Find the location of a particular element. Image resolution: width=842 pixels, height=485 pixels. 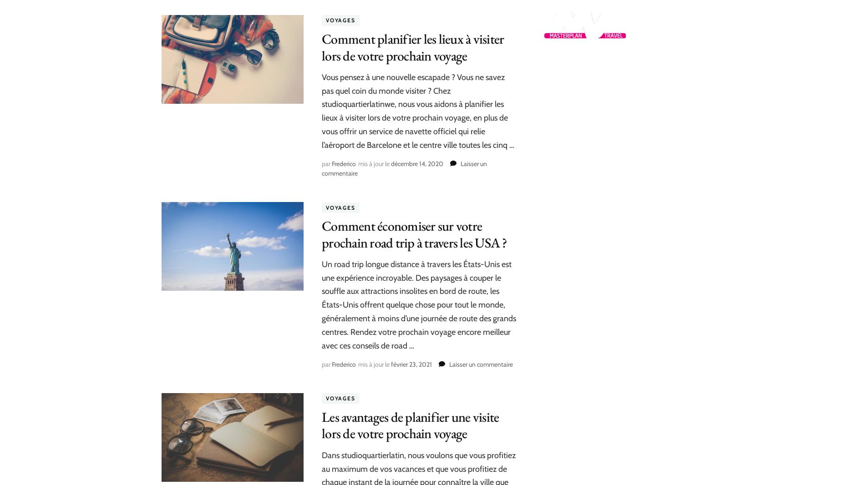

'février 23, 2021' is located at coordinates (411, 364).